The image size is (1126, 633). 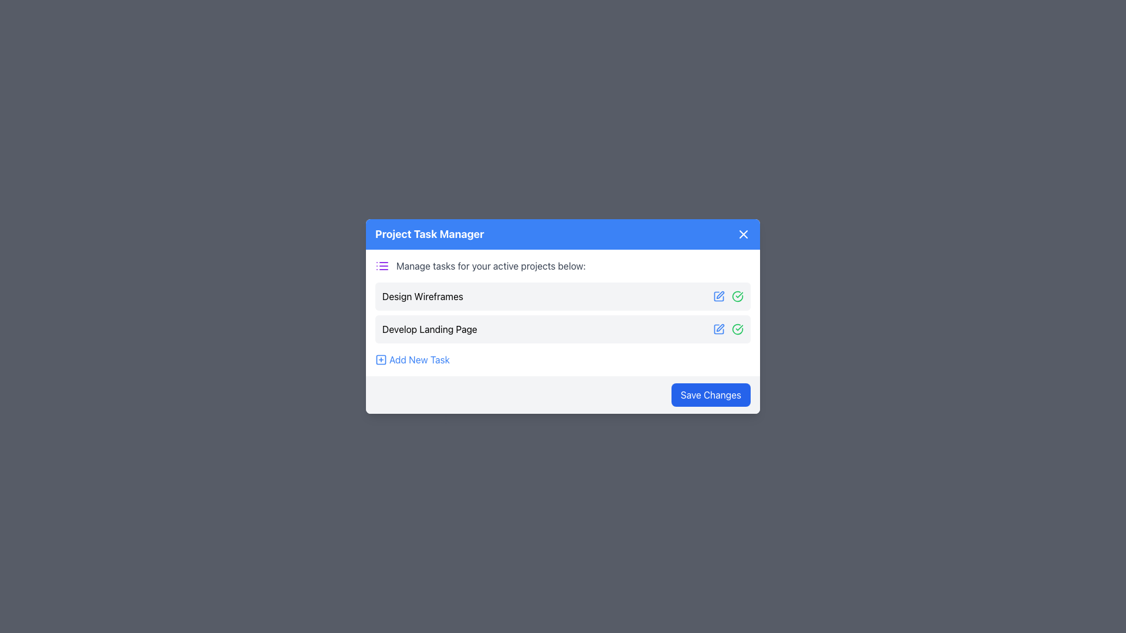 What do you see at coordinates (381, 359) in the screenshot?
I see `the small square with rounded corners that forms the background of the SVG icon, located to the right of the task name in the task list` at bounding box center [381, 359].